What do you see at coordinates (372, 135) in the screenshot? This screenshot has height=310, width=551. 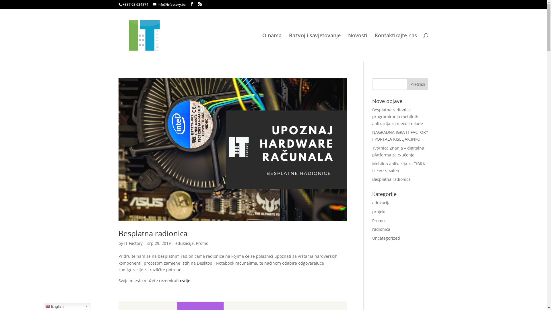 I see `'NAGRADNA IGRA IT FACTORY I PORTALA KISELJAK.INFO'` at bounding box center [372, 135].